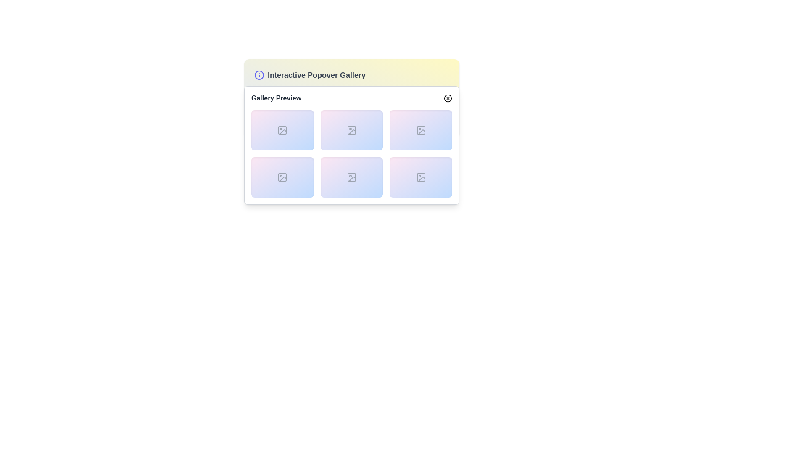 Image resolution: width=807 pixels, height=454 pixels. What do you see at coordinates (316, 74) in the screenshot?
I see `the text label 'Interactive Popover Gallery', which serves as a prominent heading in the gallery interface` at bounding box center [316, 74].